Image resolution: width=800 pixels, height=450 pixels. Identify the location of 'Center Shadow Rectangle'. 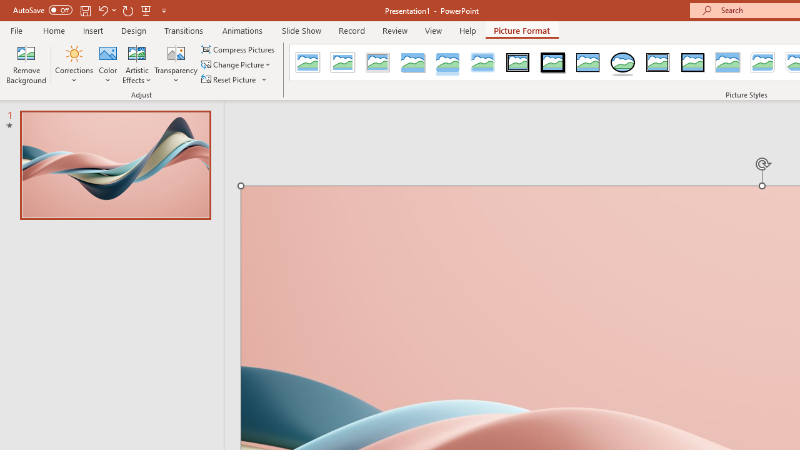
(727, 62).